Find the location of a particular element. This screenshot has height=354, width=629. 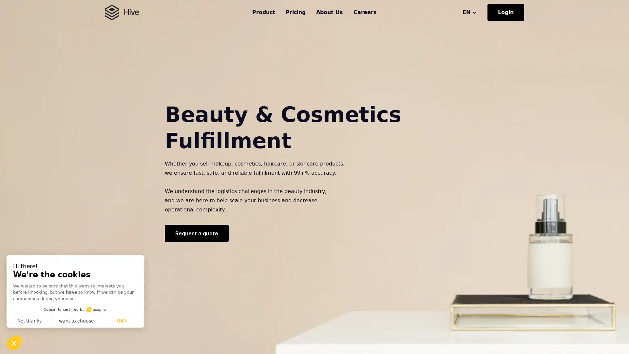

Continue and decide later is located at coordinates (14, 342).